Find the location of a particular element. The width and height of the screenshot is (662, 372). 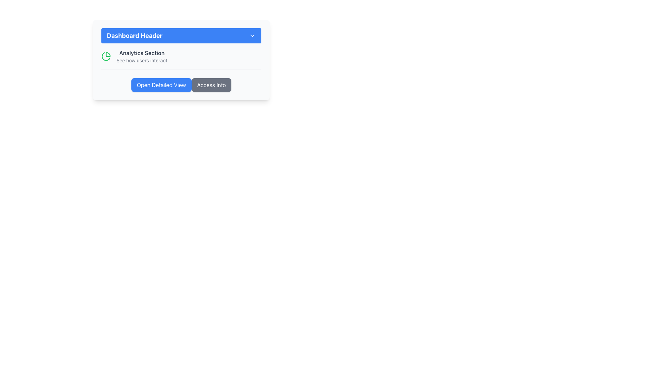

the text label displaying 'Analytics Section' which is styled in bold dark gray and positioned below the 'Dashboard Header' is located at coordinates (141, 53).